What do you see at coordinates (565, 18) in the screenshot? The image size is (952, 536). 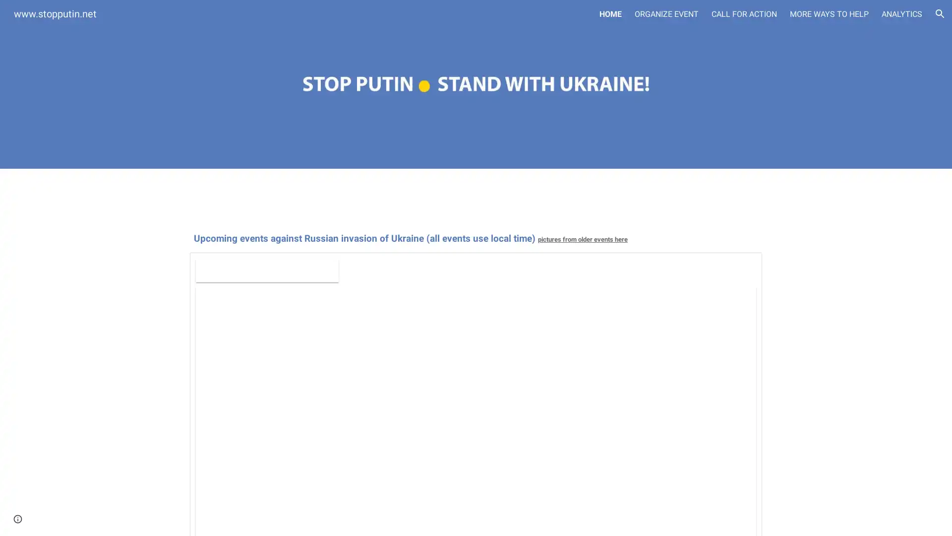 I see `Skip to navigation` at bounding box center [565, 18].